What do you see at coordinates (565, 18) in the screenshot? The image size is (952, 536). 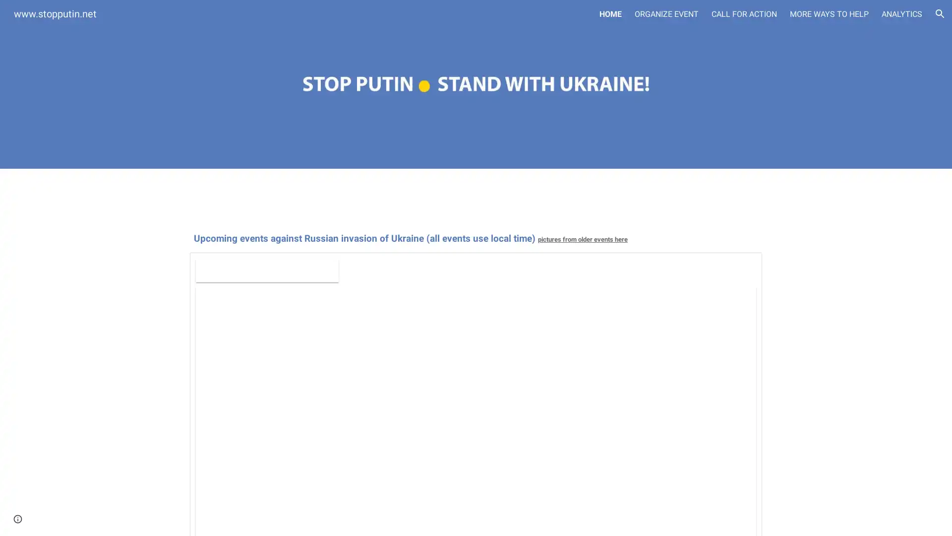 I see `Skip to navigation` at bounding box center [565, 18].